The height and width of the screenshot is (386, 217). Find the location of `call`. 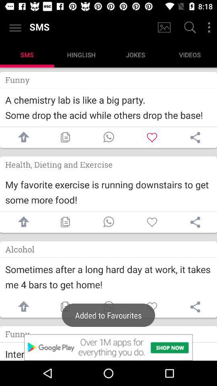

call is located at coordinates (108, 222).